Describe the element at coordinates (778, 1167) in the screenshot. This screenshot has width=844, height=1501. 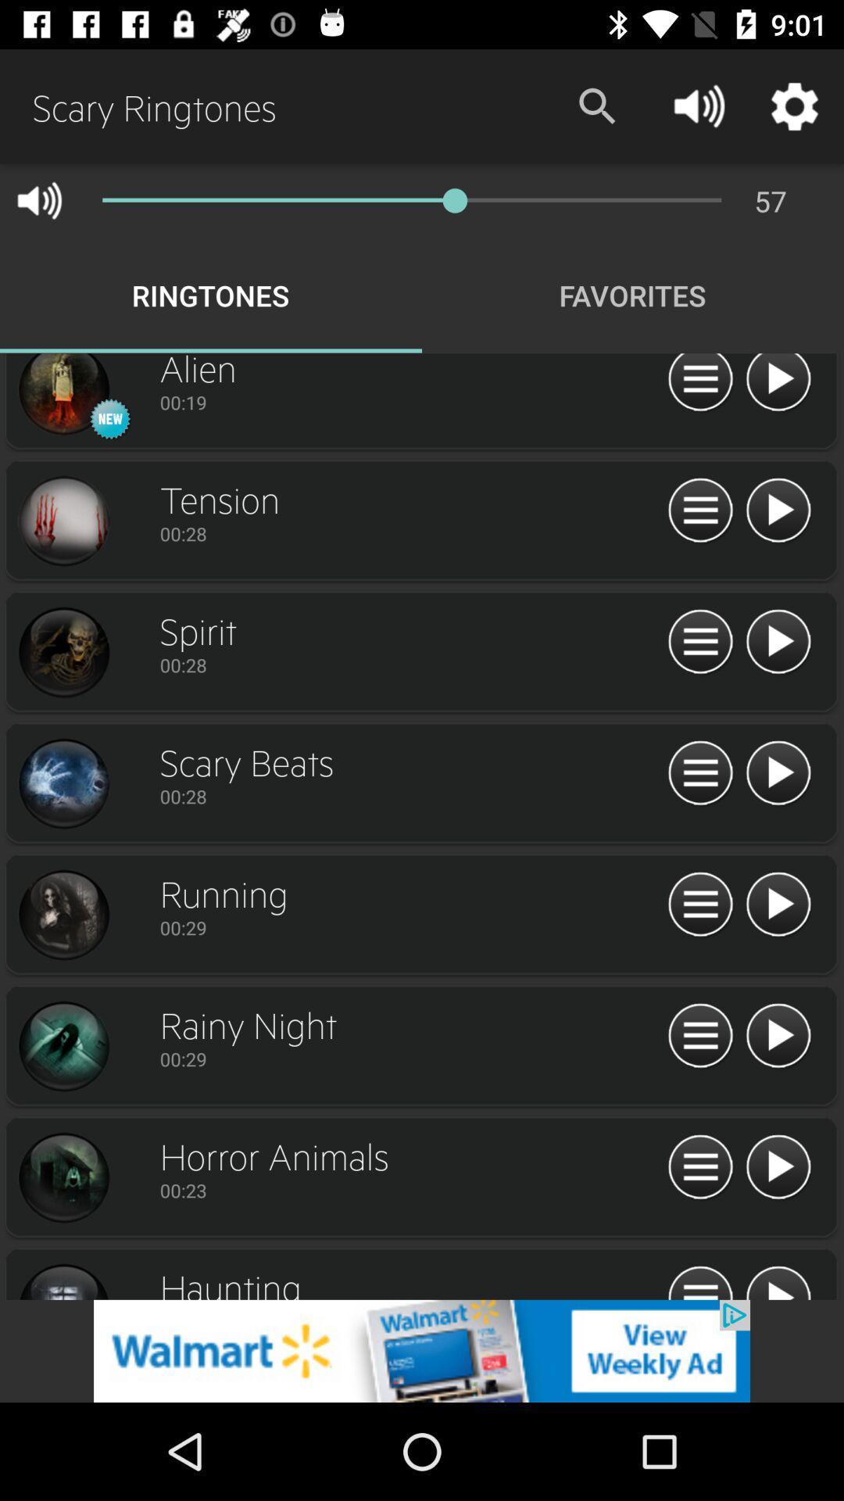
I see `playing the option` at that location.